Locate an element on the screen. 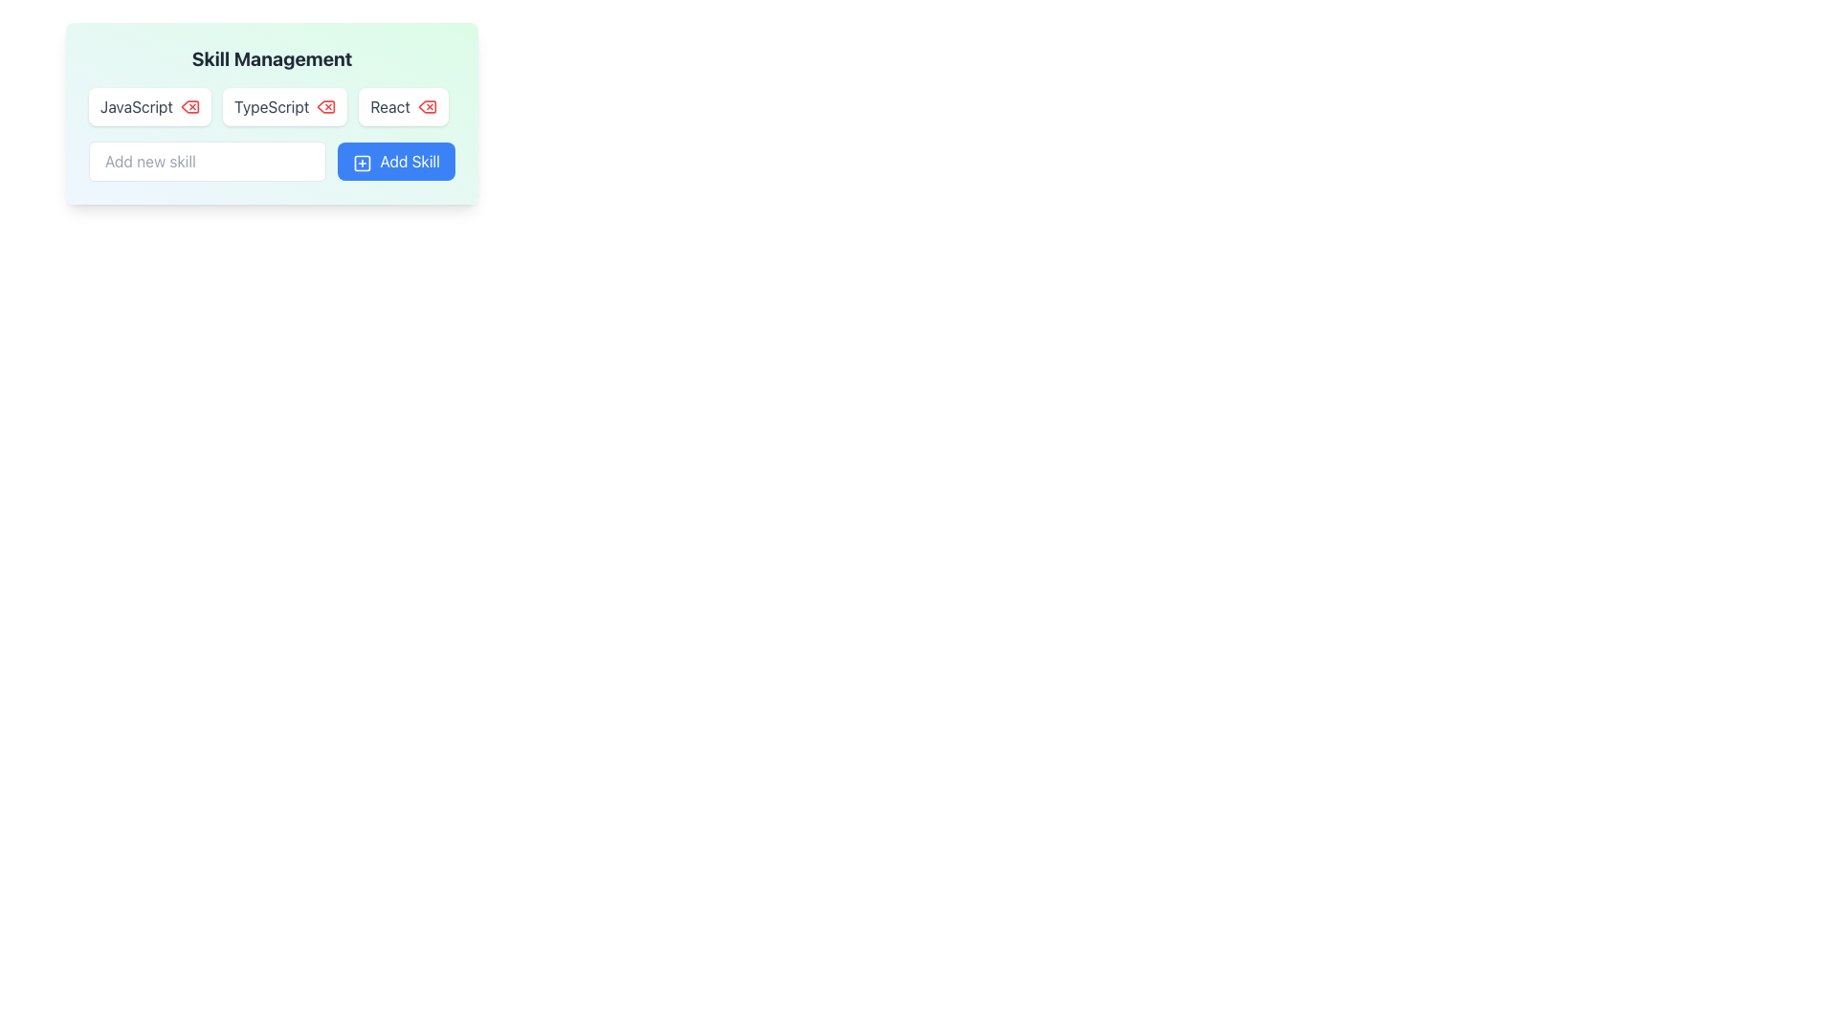  the text label indicating the skill name 'JavaScript', which is located in the upper-left quadrant of the interface is located at coordinates (136, 106).